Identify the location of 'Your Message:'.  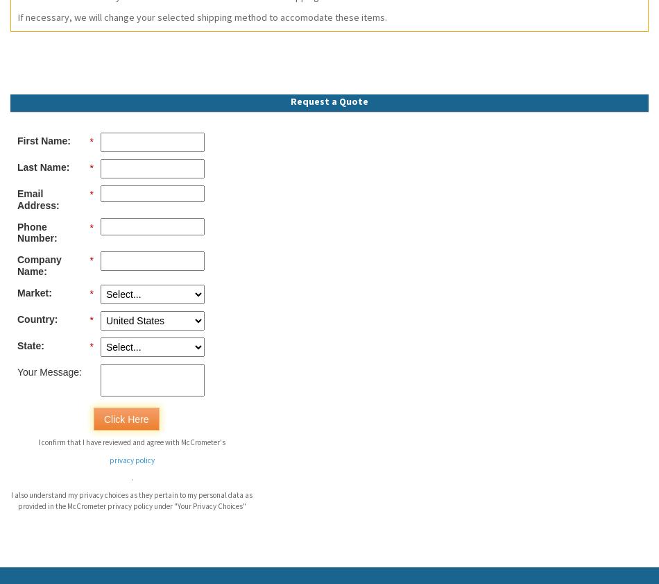
(49, 372).